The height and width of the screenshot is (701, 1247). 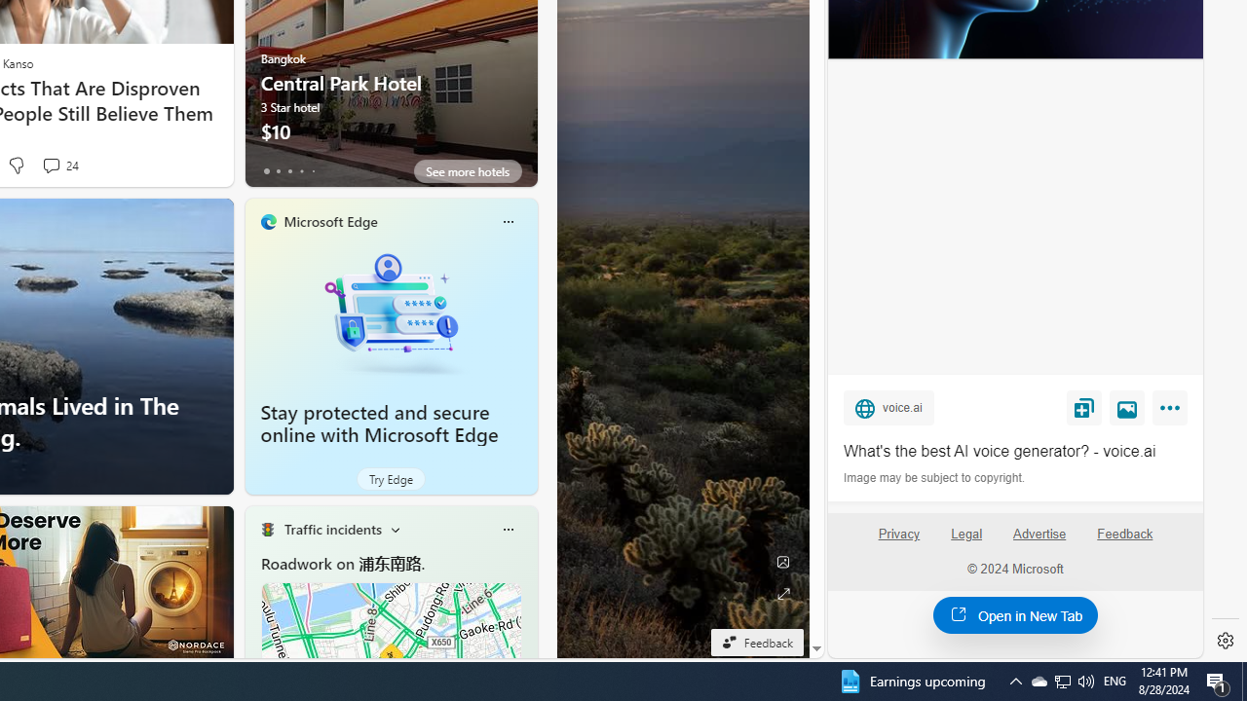 I want to click on 'Try Edge', so click(x=390, y=479).